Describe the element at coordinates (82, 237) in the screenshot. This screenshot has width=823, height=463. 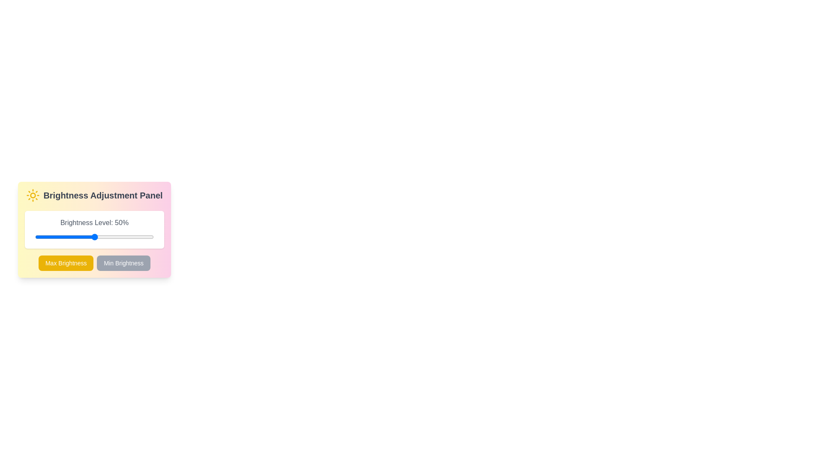
I see `the brightness by dragging the slider to 40%` at that location.